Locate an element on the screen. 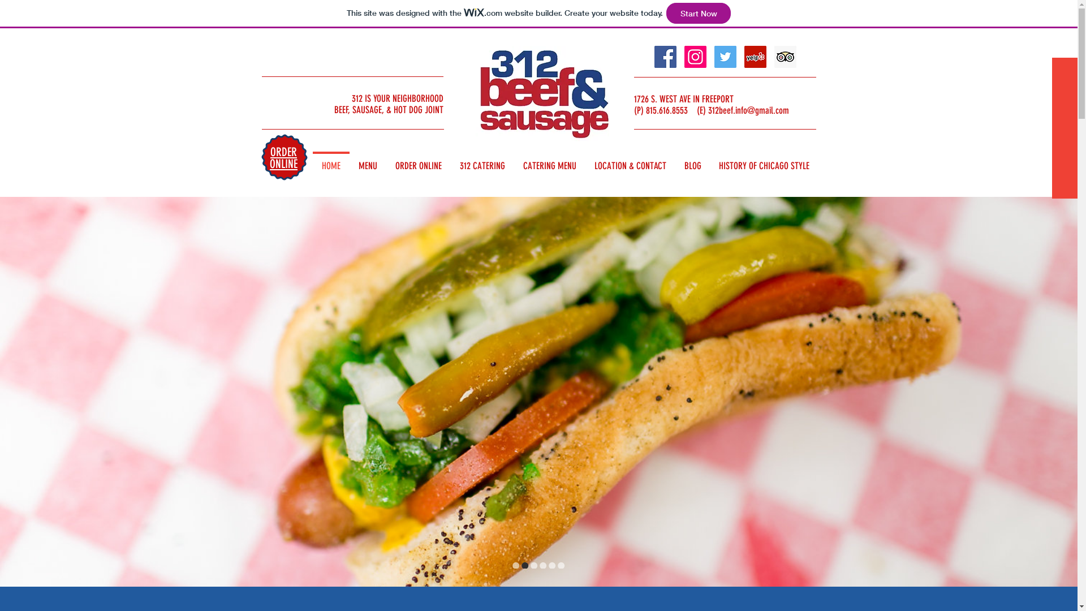 The width and height of the screenshot is (1086, 611). 'ONLINE' is located at coordinates (283, 163).